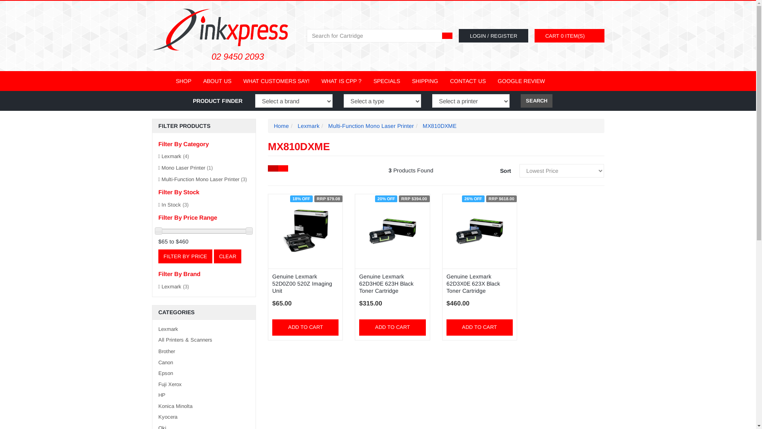  What do you see at coordinates (204, 168) in the screenshot?
I see `'Mono Laser Printer (1)'` at bounding box center [204, 168].